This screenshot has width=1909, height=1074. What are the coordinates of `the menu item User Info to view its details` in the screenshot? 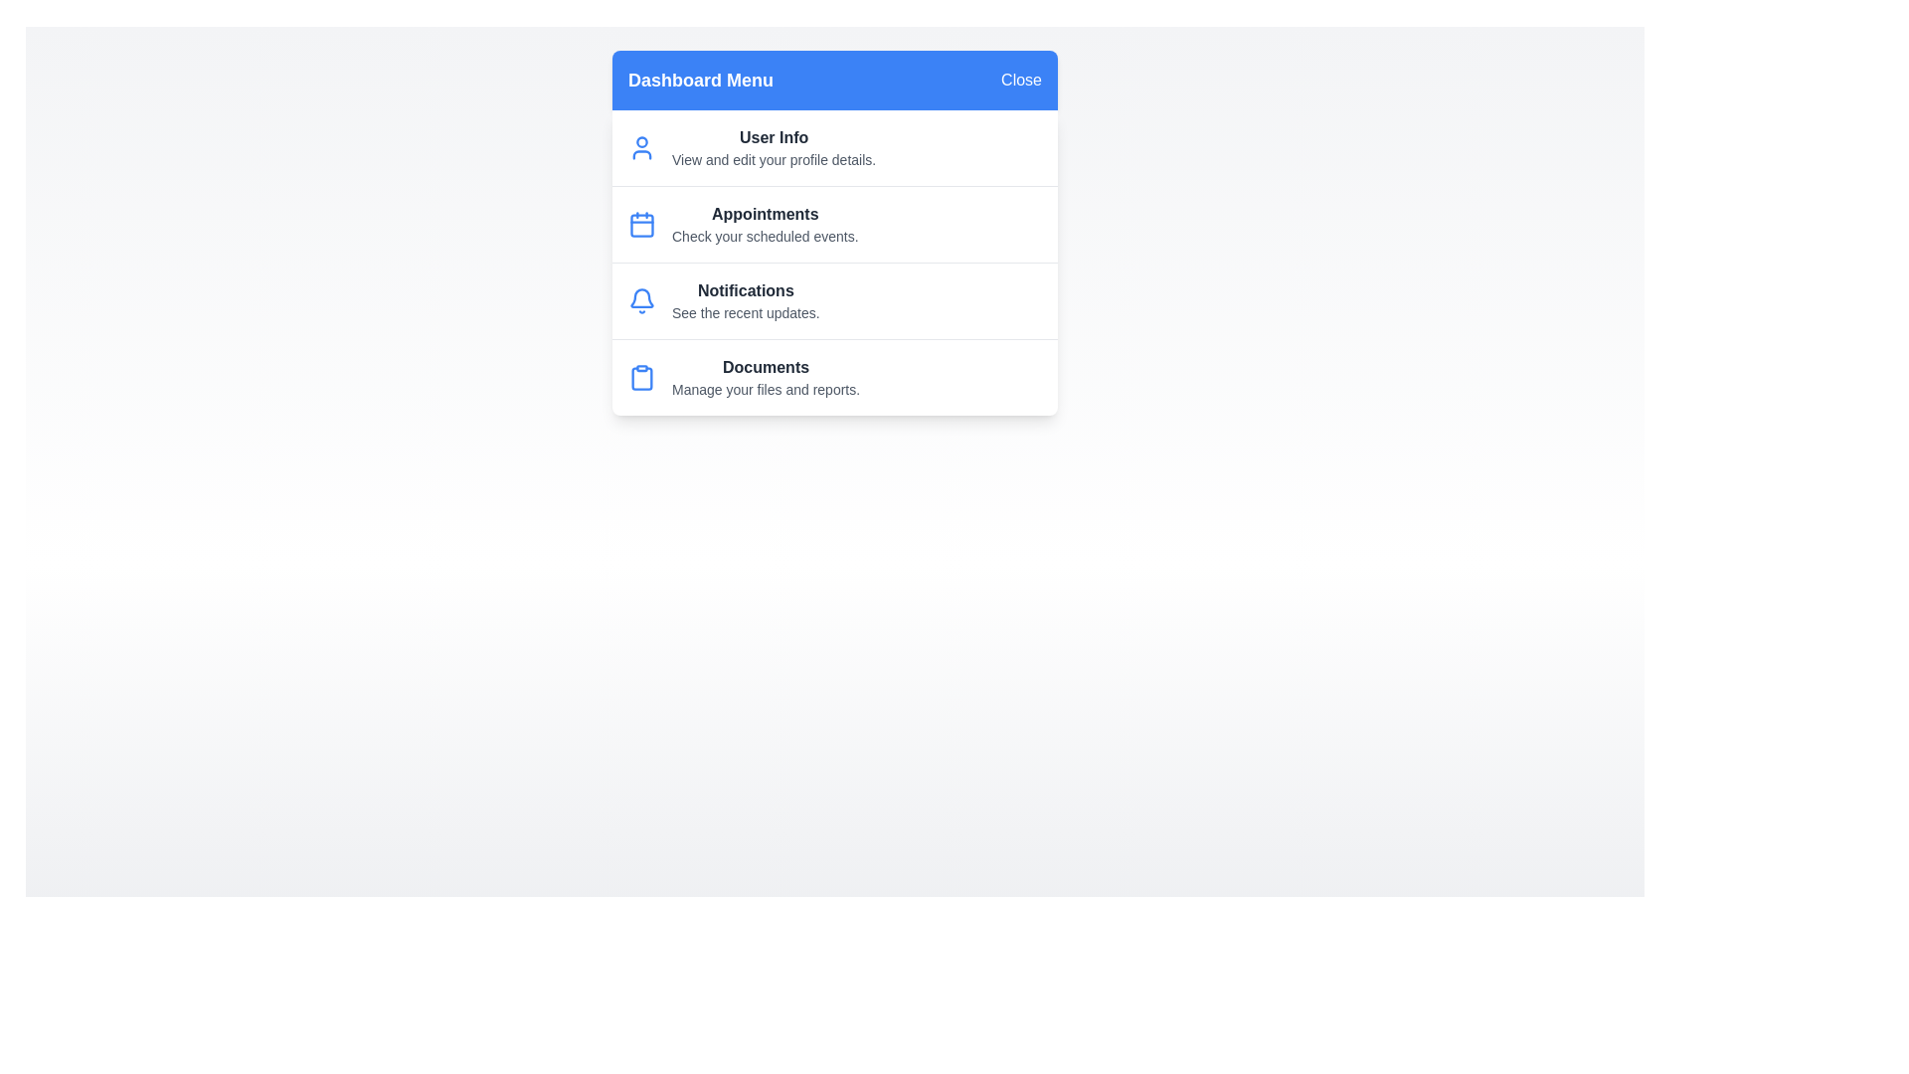 It's located at (642, 147).